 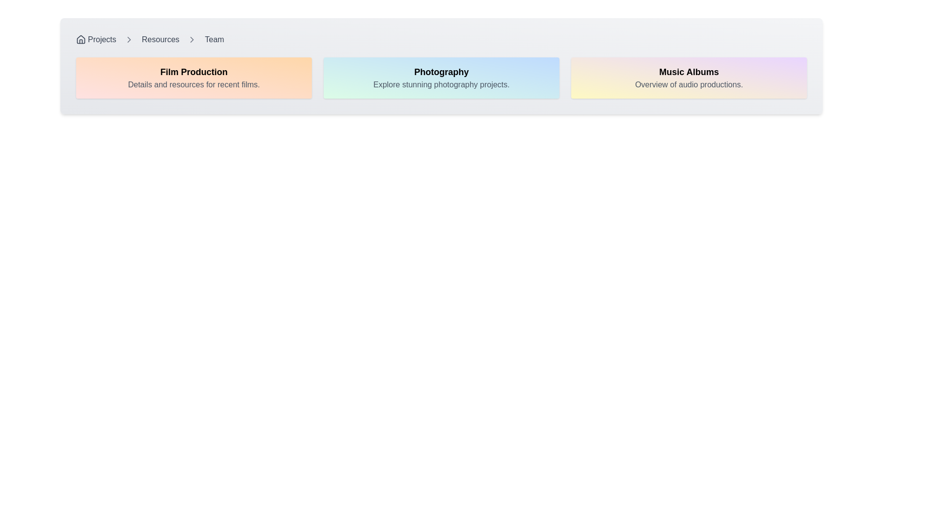 I want to click on the Informational card representing the 'Photography' category, which is located in the middle of a row of three sections in a grid layout, flanked by 'Film Production' and 'Music Albums', so click(x=441, y=77).